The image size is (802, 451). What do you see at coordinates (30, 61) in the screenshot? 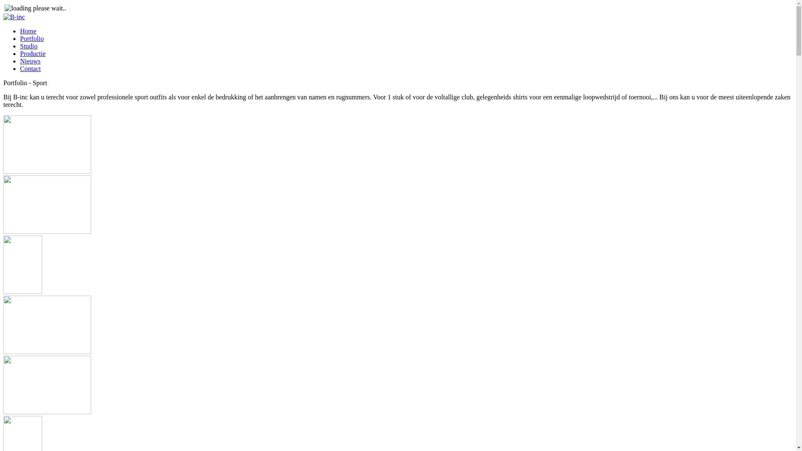
I see `'Nieuws'` at bounding box center [30, 61].